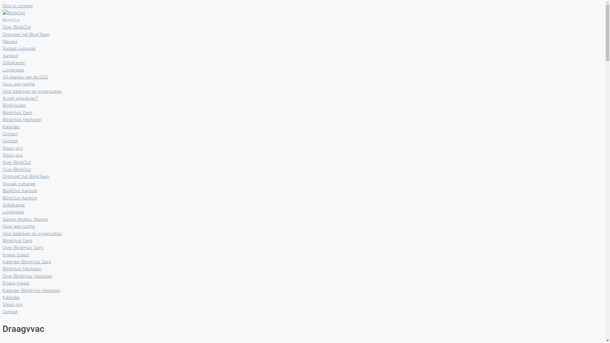 Image resolution: width=610 pixels, height=343 pixels. Describe the element at coordinates (22, 119) in the screenshot. I see `'BlinkHuis Mechelen'` at that location.